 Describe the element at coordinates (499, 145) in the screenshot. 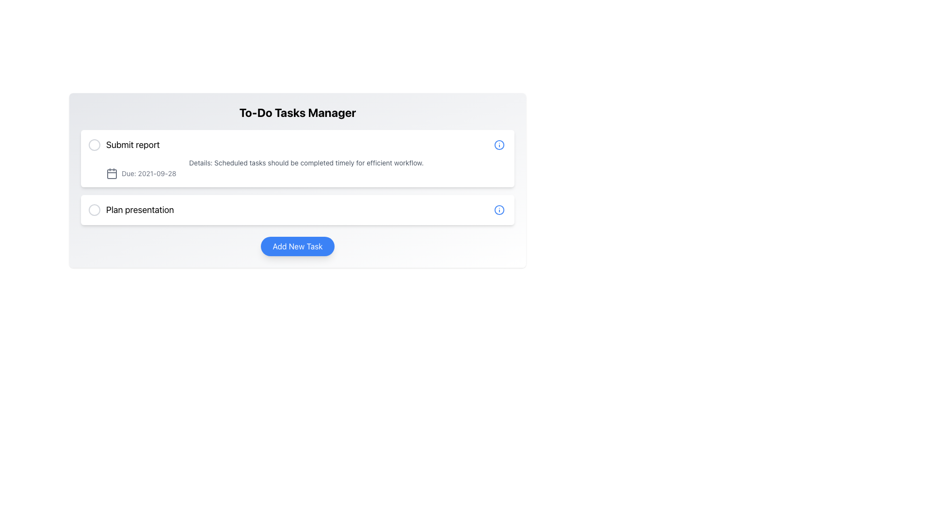

I see `the circular graphical element that is part of the 'info' icon next to the 'Plan presentation' task in the task list` at that location.